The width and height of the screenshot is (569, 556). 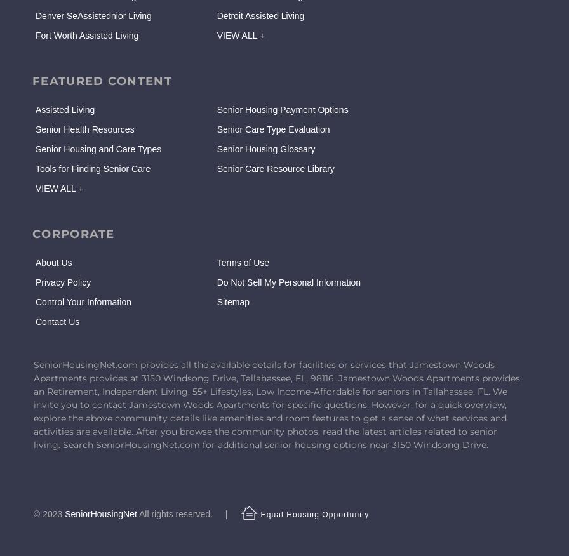 What do you see at coordinates (86, 34) in the screenshot?
I see `'Fort Worth Assisted Living'` at bounding box center [86, 34].